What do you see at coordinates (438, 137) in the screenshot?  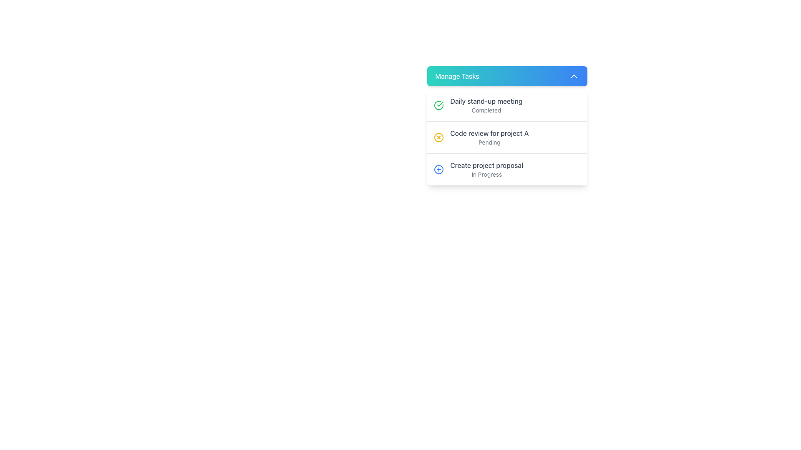 I see `the graphical details of the circular yellow icon with a centered 'X' shape, which represents the 'Code review for project A' task in the task list` at bounding box center [438, 137].